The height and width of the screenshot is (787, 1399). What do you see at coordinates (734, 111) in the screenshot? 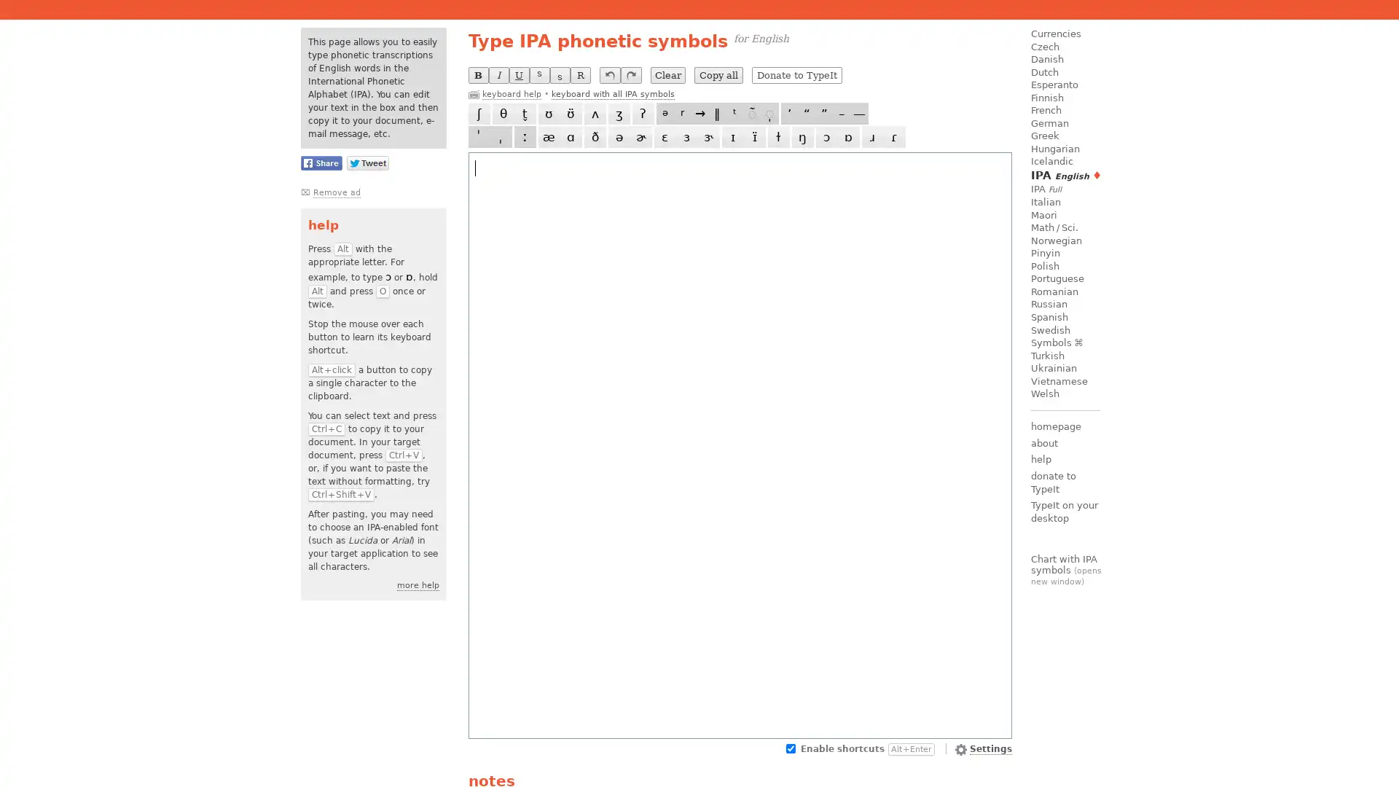
I see `t` at bounding box center [734, 111].